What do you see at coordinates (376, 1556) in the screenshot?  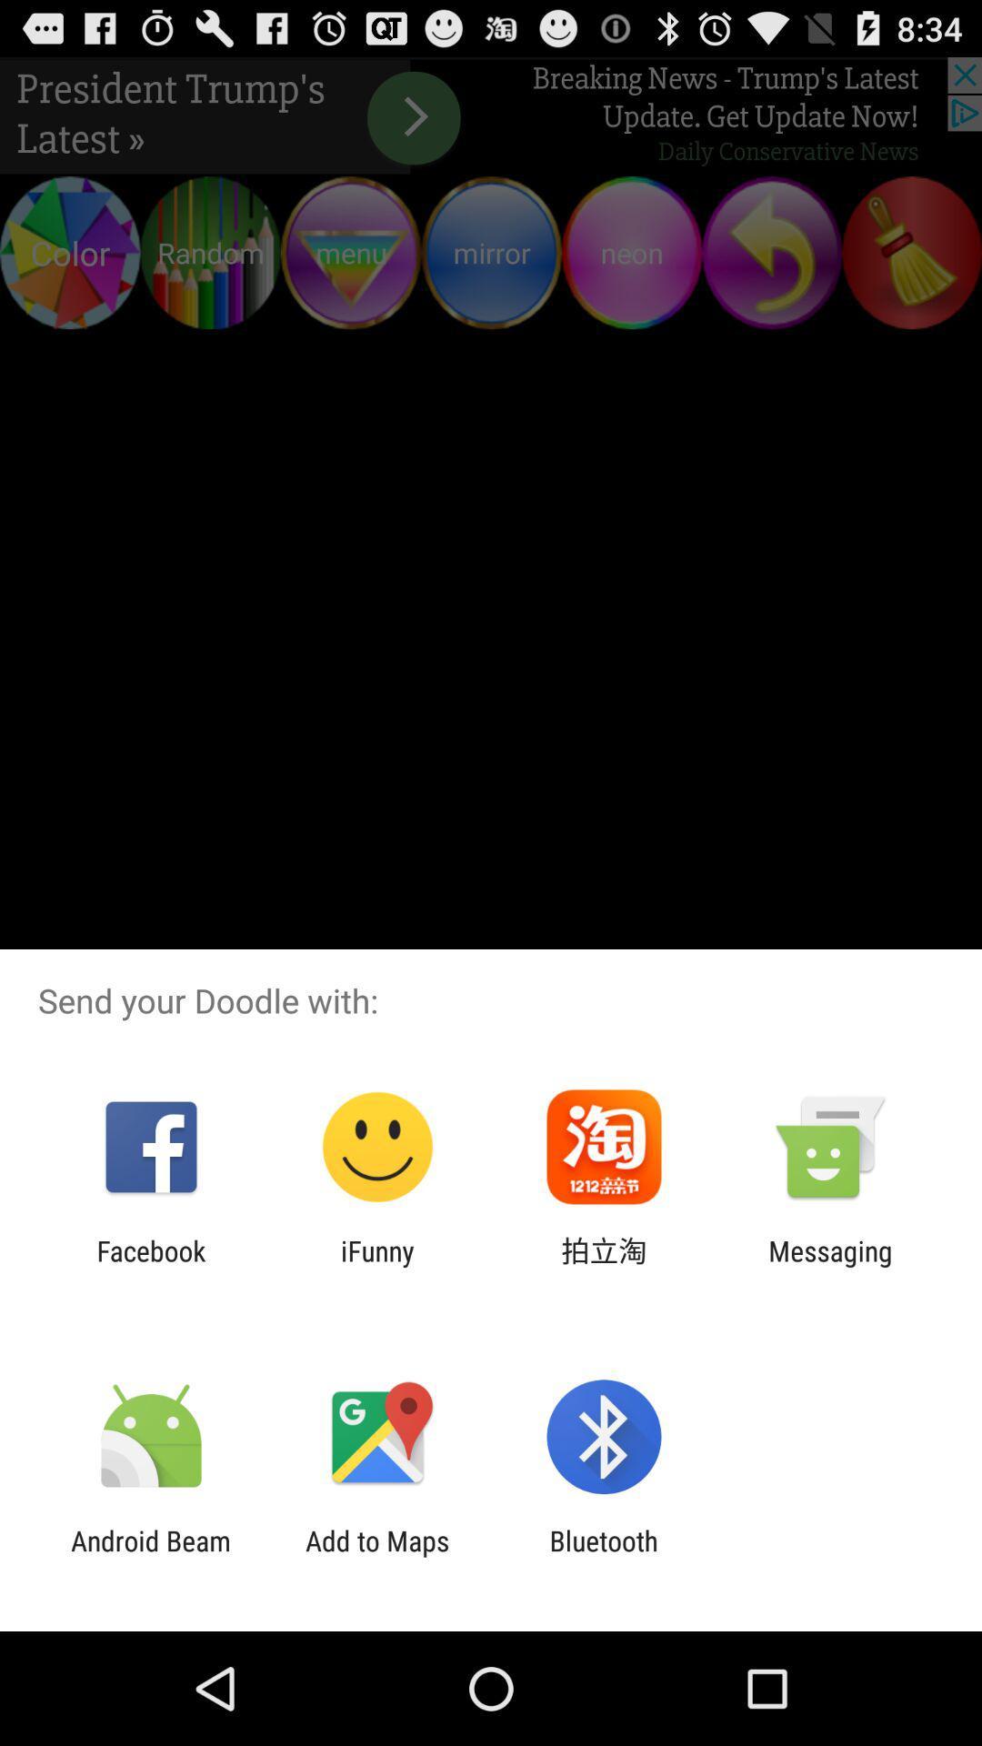 I see `app next to the android beam` at bounding box center [376, 1556].